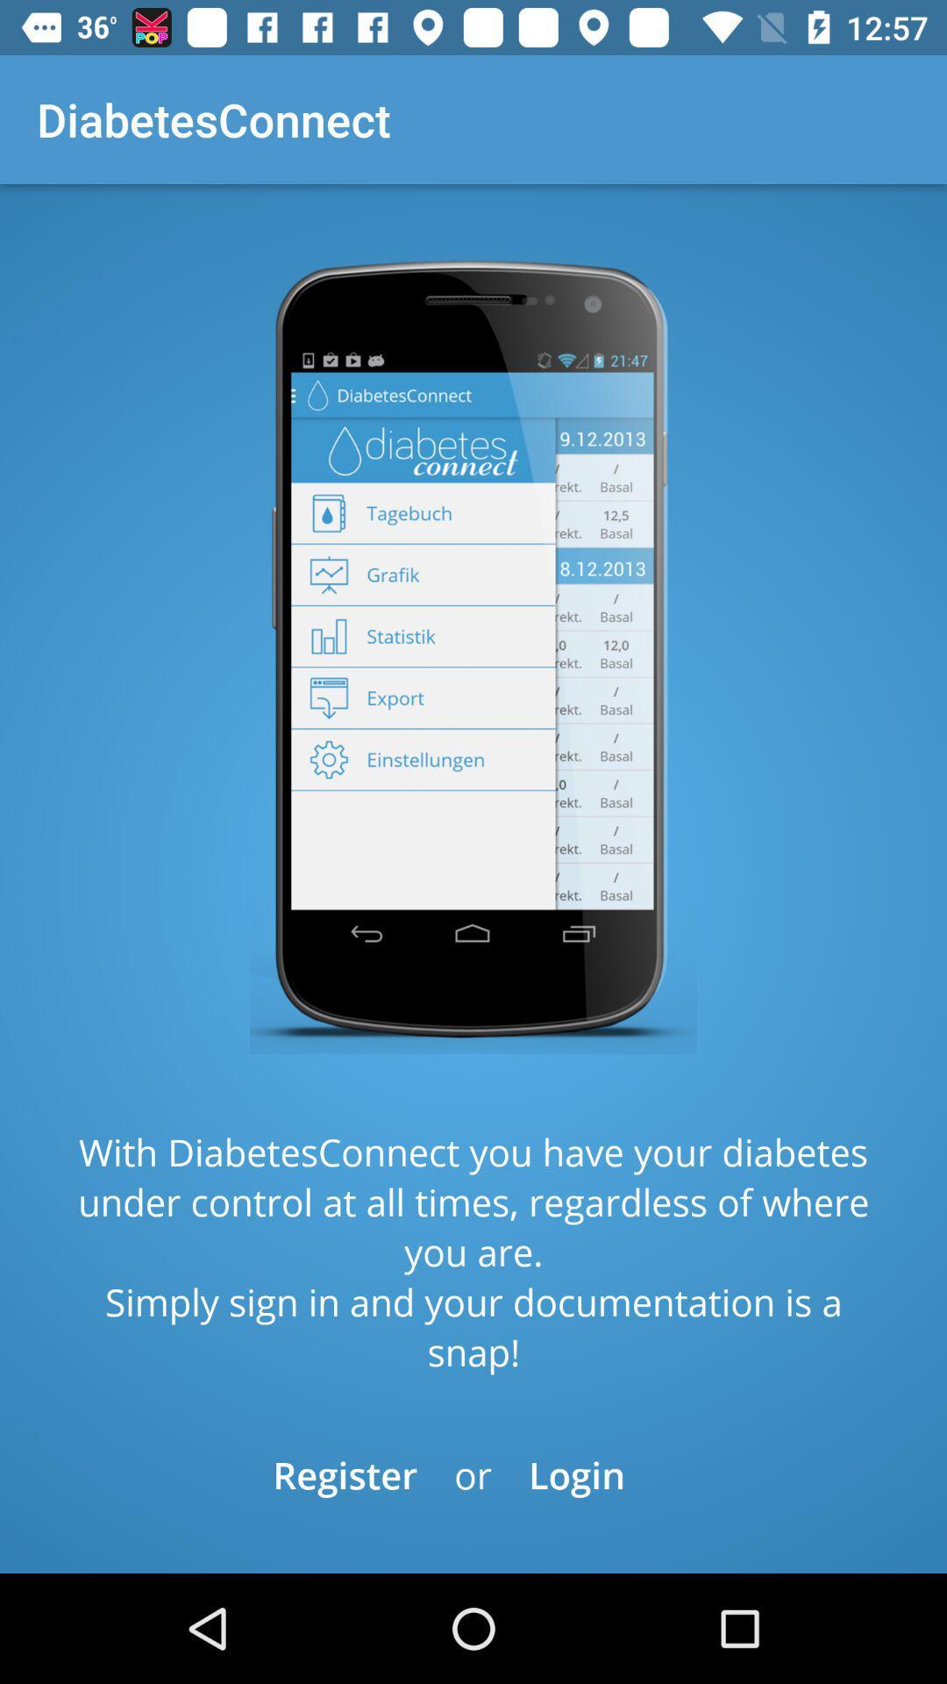 Image resolution: width=947 pixels, height=1684 pixels. Describe the element at coordinates (577, 1473) in the screenshot. I see `item to the right of or item` at that location.